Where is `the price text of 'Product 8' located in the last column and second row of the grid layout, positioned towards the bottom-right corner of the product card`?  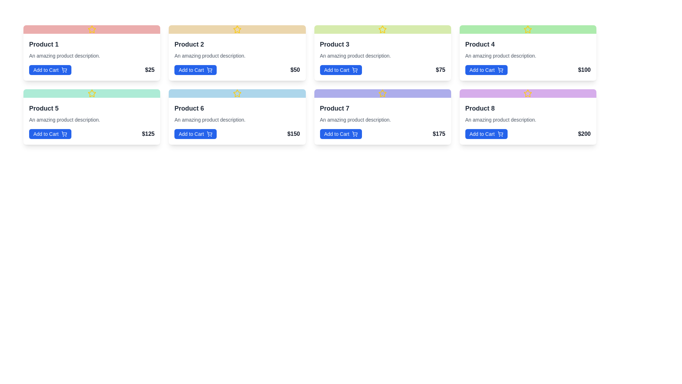
the price text of 'Product 8' located in the last column and second row of the grid layout, positioned towards the bottom-right corner of the product card is located at coordinates (584, 134).